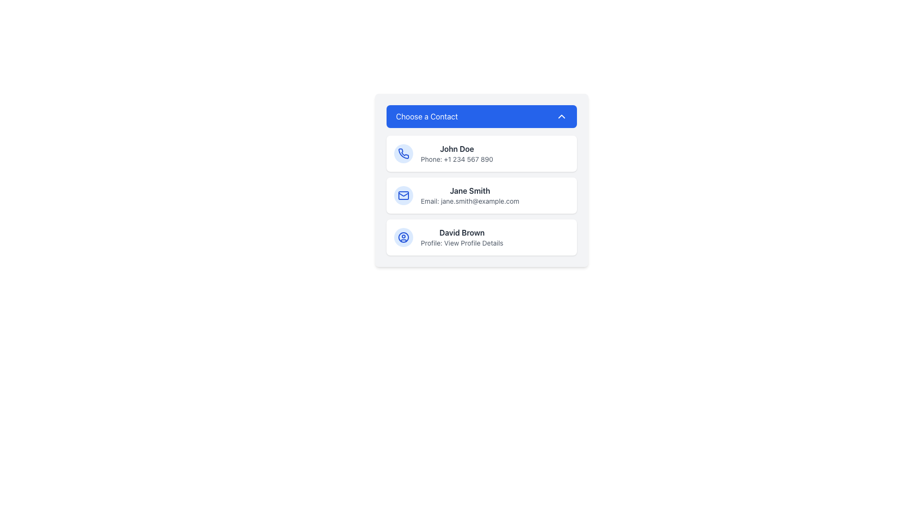  Describe the element at coordinates (457, 159) in the screenshot. I see `the static text label displaying the contact phone number associated with 'John Doe'` at that location.